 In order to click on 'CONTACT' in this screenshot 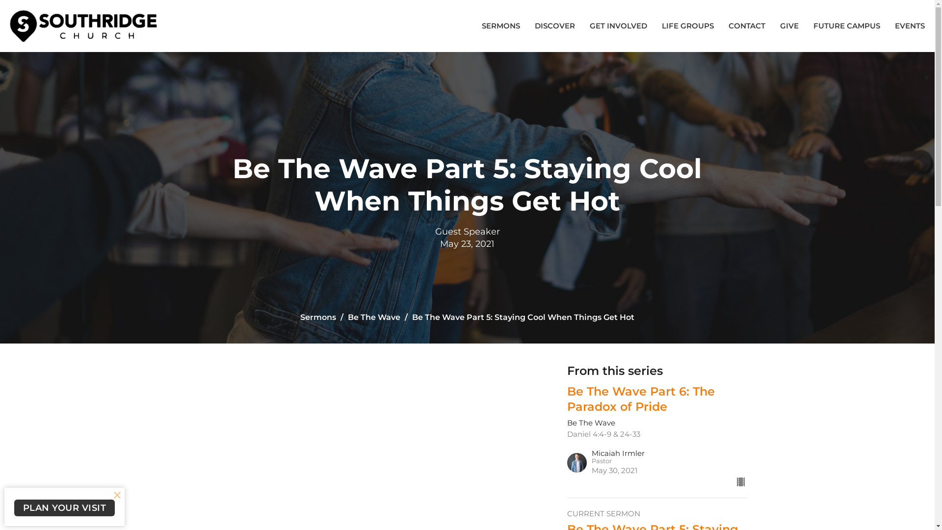, I will do `click(746, 25)`.